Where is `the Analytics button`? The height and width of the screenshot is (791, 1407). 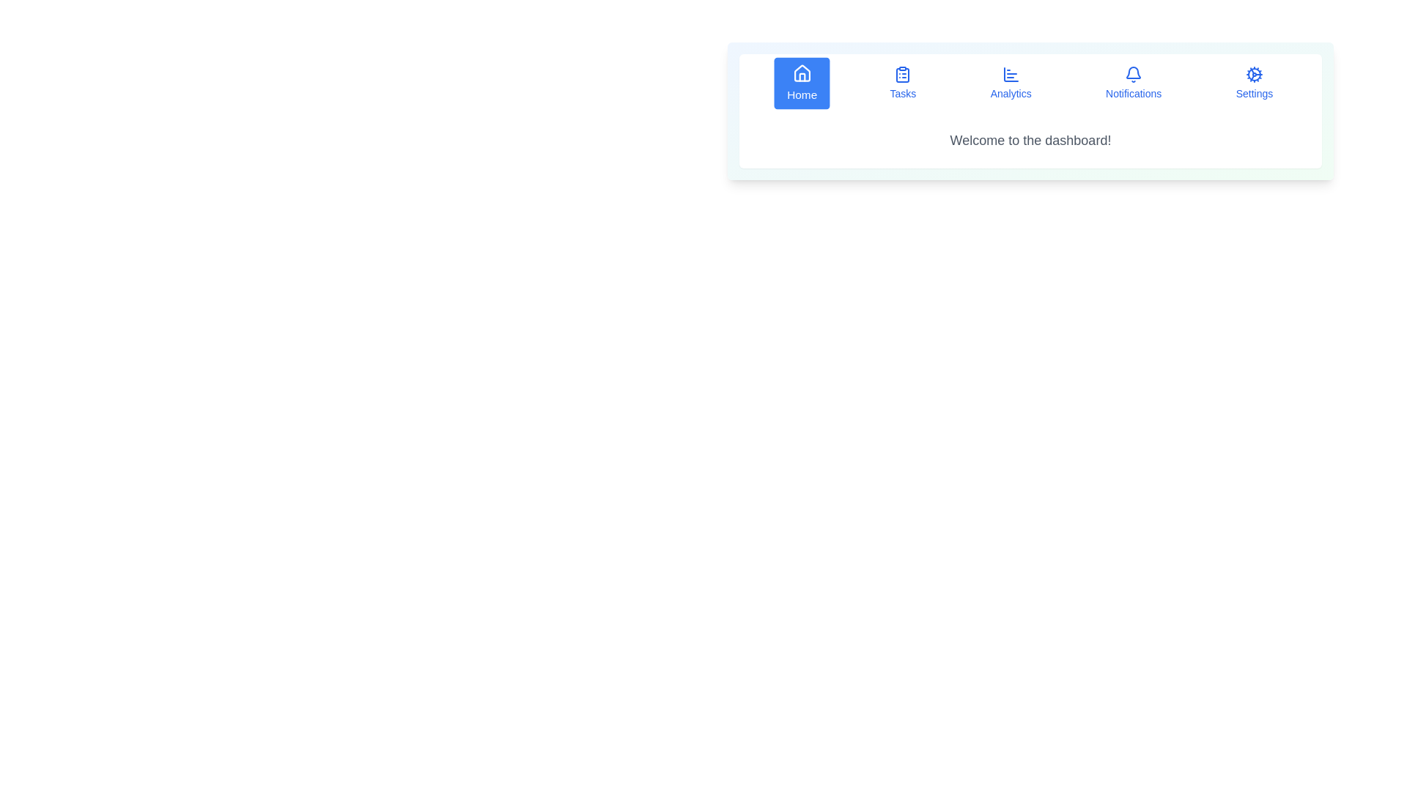
the Analytics button is located at coordinates (1010, 83).